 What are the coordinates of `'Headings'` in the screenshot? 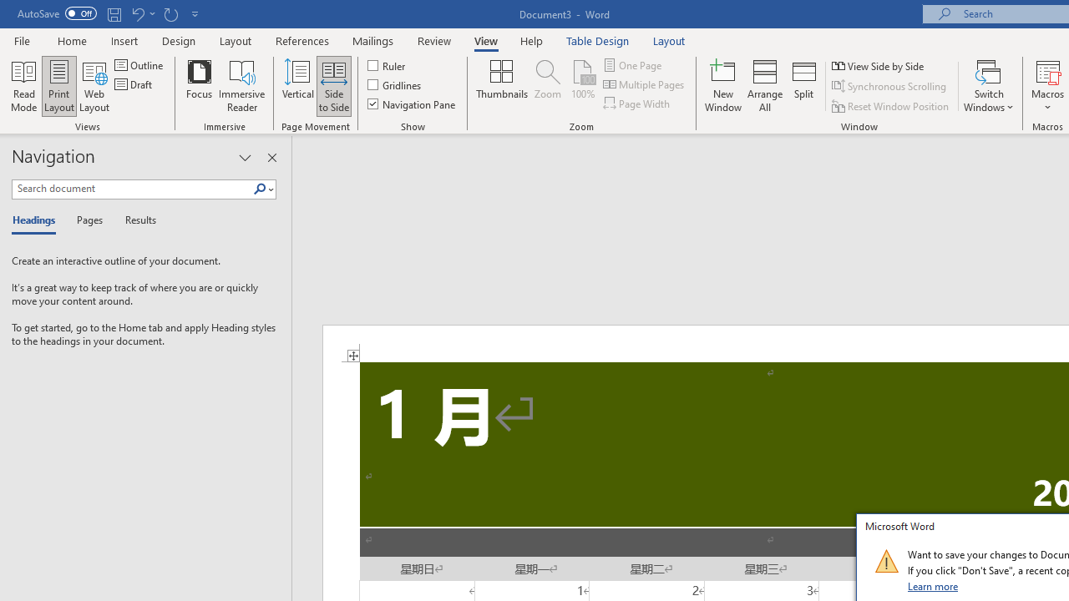 It's located at (38, 220).